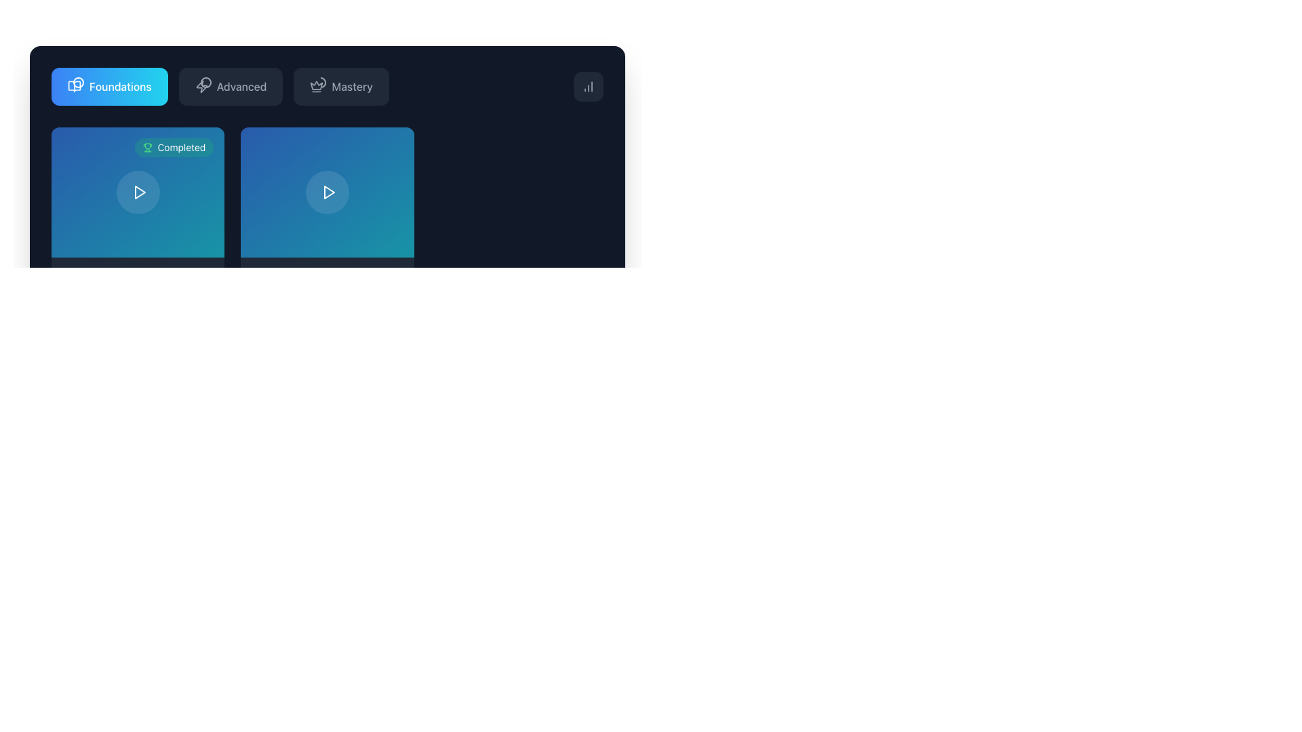 This screenshot has width=1302, height=732. What do you see at coordinates (231, 86) in the screenshot?
I see `the 'Advanced' navigation button` at bounding box center [231, 86].